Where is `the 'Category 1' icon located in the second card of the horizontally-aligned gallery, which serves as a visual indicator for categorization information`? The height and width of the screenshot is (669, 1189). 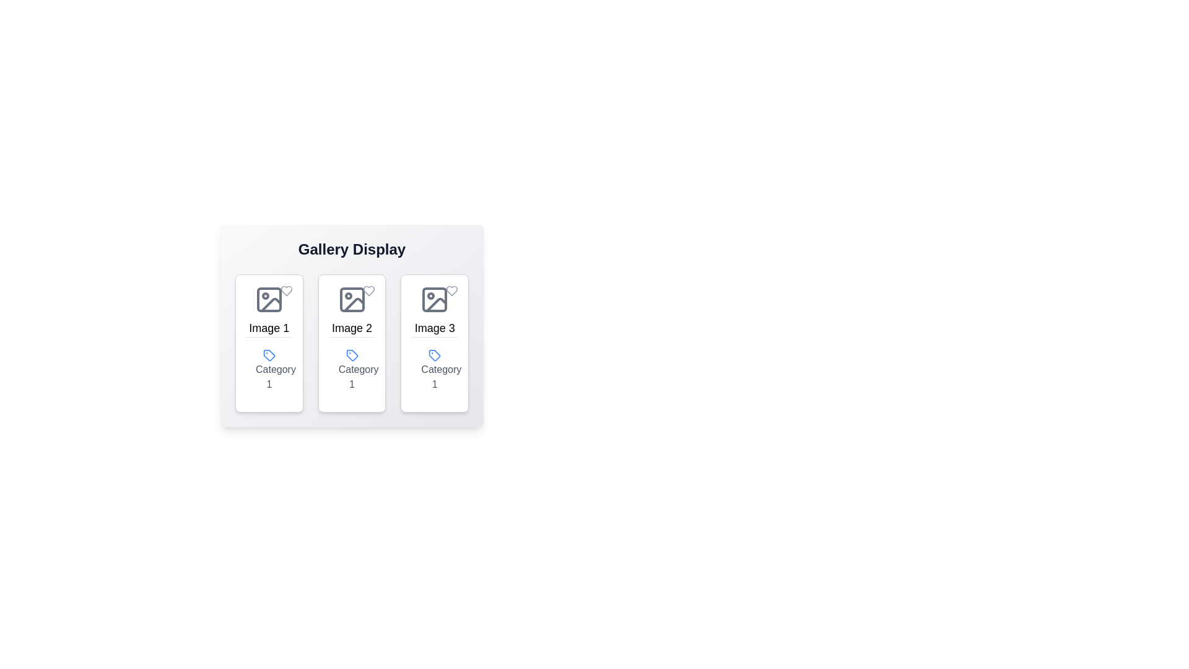 the 'Category 1' icon located in the second card of the horizontally-aligned gallery, which serves as a visual indicator for categorization information is located at coordinates (351, 355).